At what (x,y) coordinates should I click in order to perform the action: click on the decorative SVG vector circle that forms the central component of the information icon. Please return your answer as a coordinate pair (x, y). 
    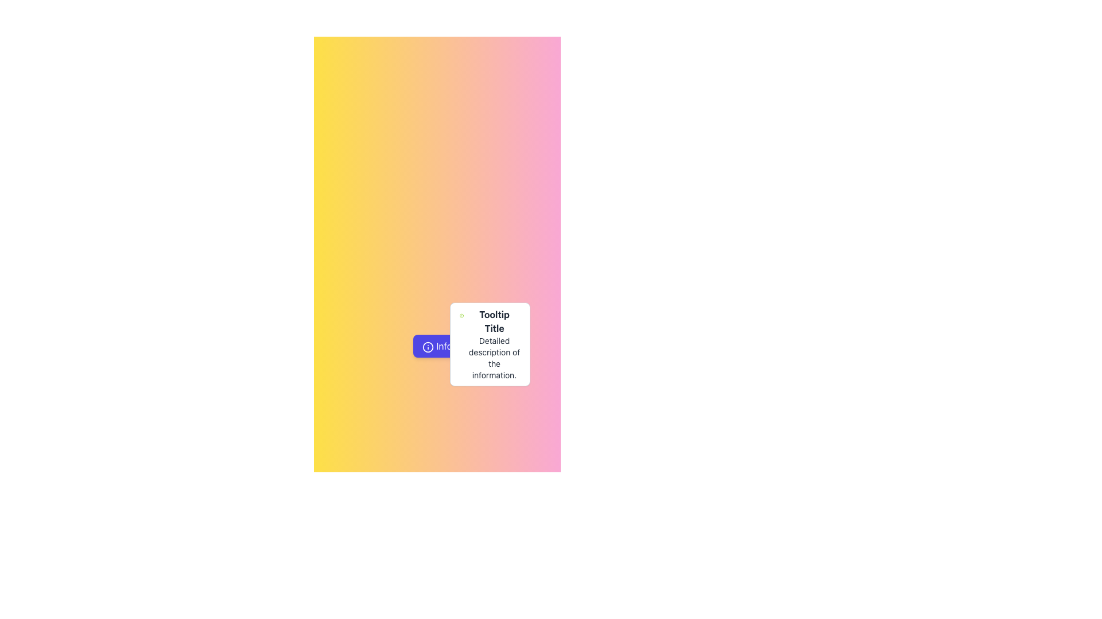
    Looking at the image, I should click on (428, 346).